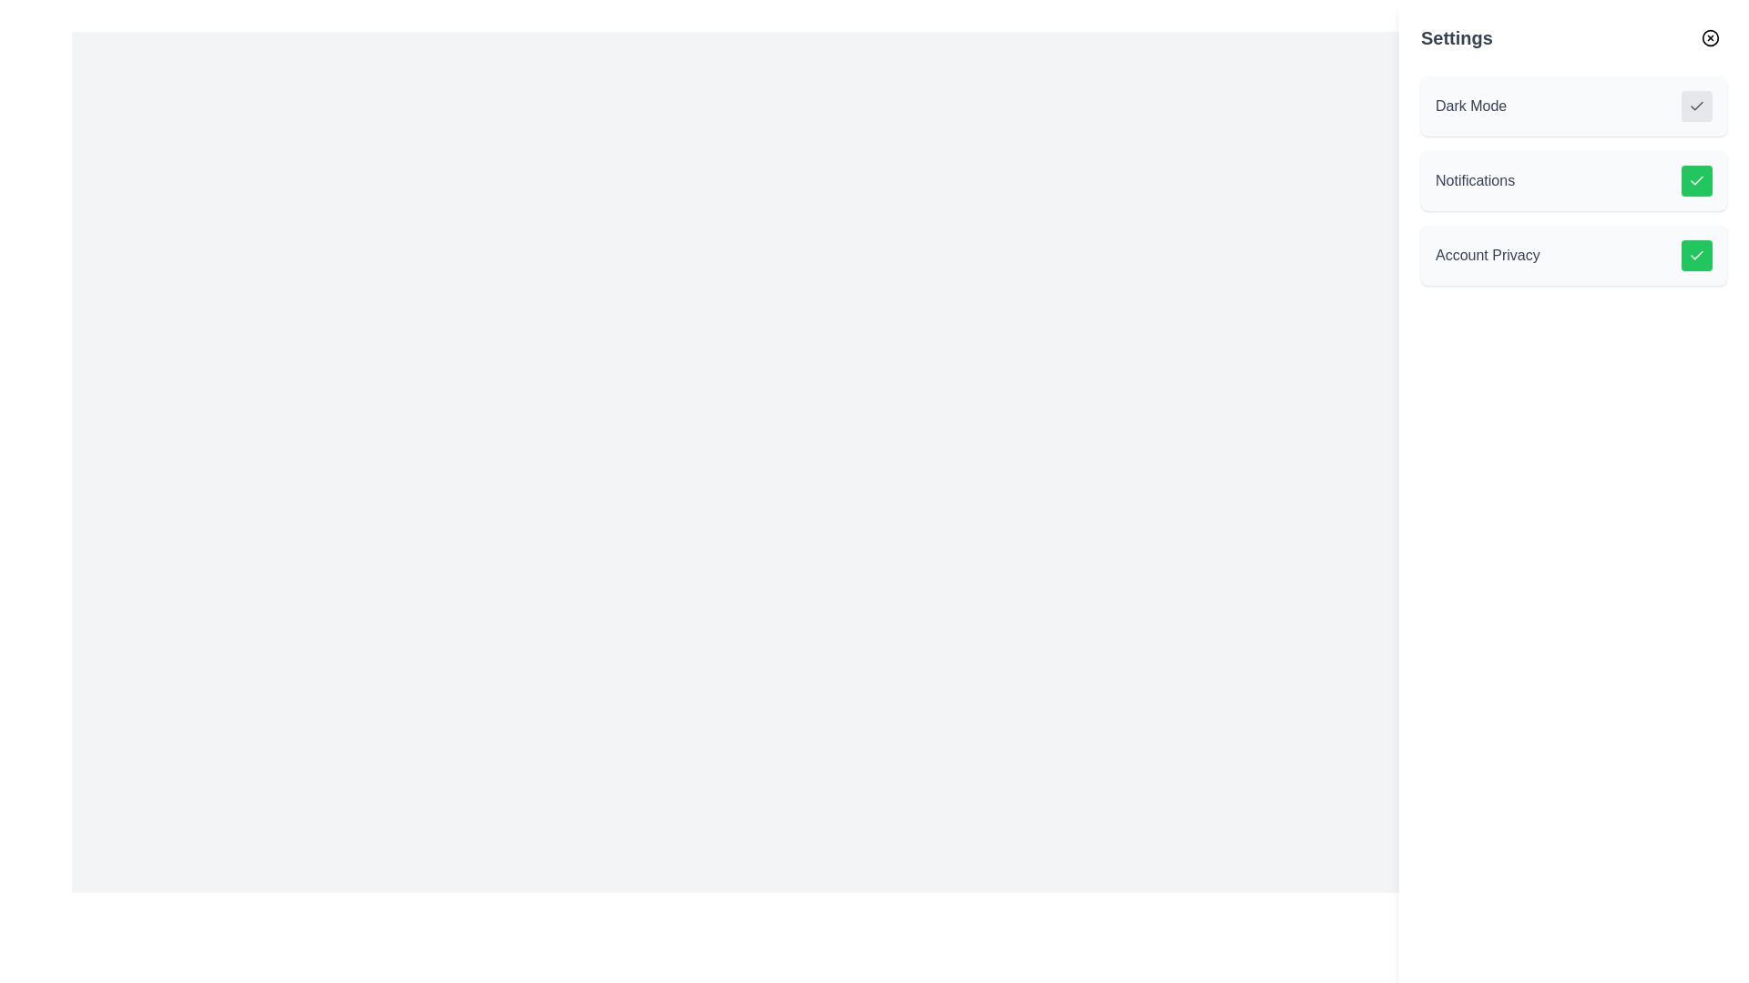  What do you see at coordinates (1475, 181) in the screenshot?
I see `the 'Notifications' text label displayed in gray font within the settings panel, located on the right side of the page, next to a green checkmark button` at bounding box center [1475, 181].